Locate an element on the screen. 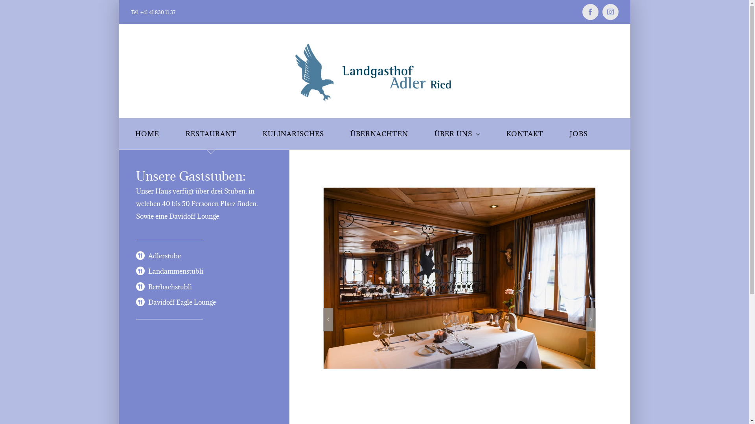 The height and width of the screenshot is (424, 755). 'HOME' is located at coordinates (147, 133).